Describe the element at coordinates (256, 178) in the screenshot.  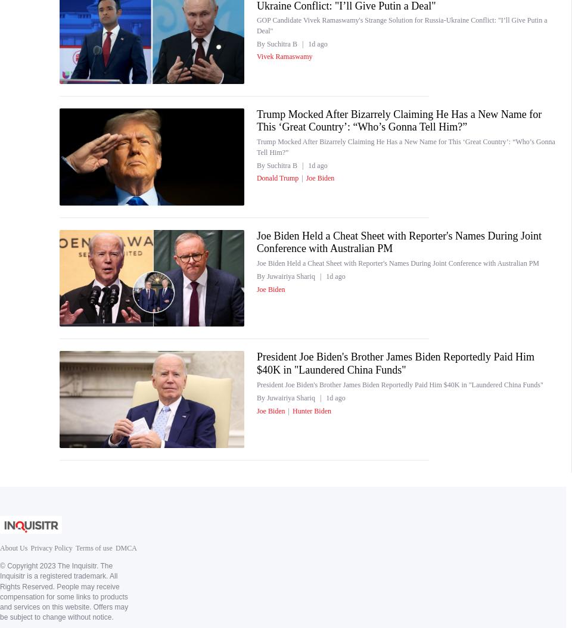
I see `'Donald Trump'` at that location.